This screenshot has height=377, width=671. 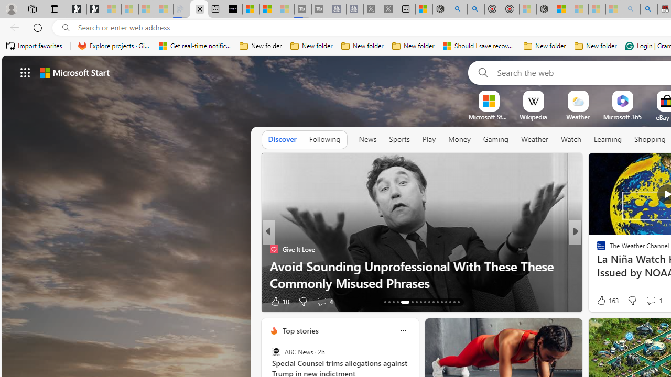 I want to click on 'AutomationID: tab-50', so click(x=446, y=302).